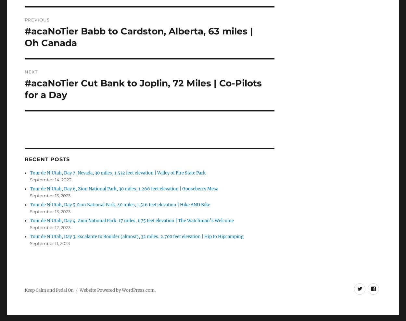 Image resolution: width=406 pixels, height=321 pixels. Describe the element at coordinates (143, 88) in the screenshot. I see `'#acaNoTier Cut Bank to Joplin, 72 Miles | Co-Pilots for a Day'` at that location.